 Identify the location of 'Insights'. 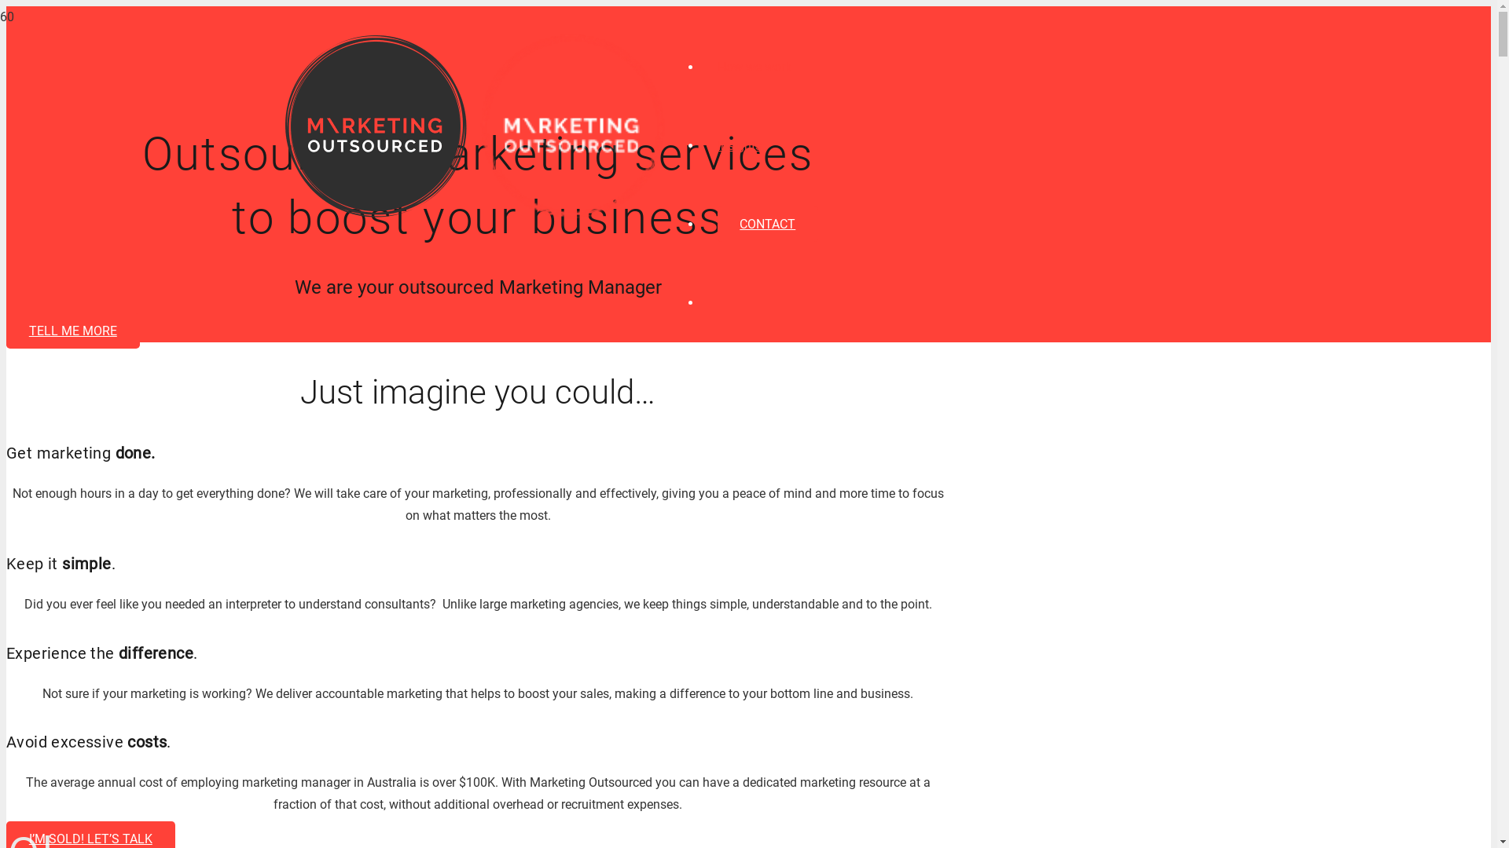
(738, 145).